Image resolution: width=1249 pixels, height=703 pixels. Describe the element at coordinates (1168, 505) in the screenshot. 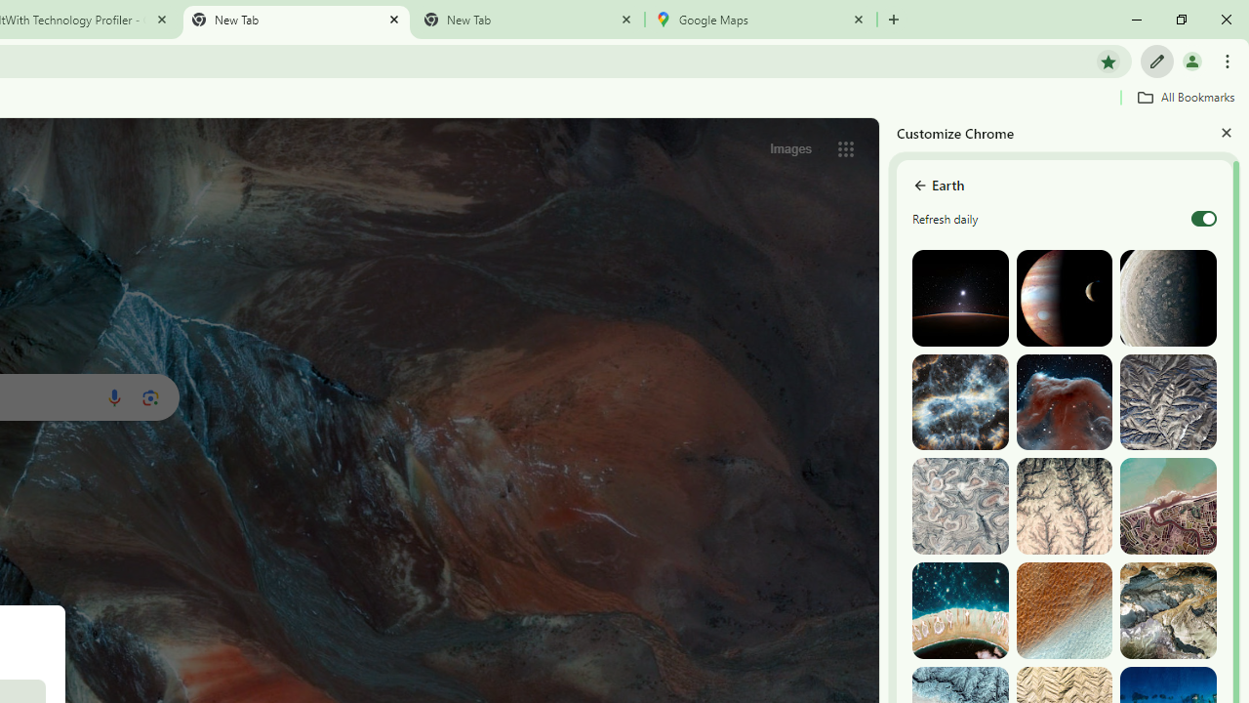

I see `'Nanggroe Aceh Darussalam, Indonesia'` at that location.